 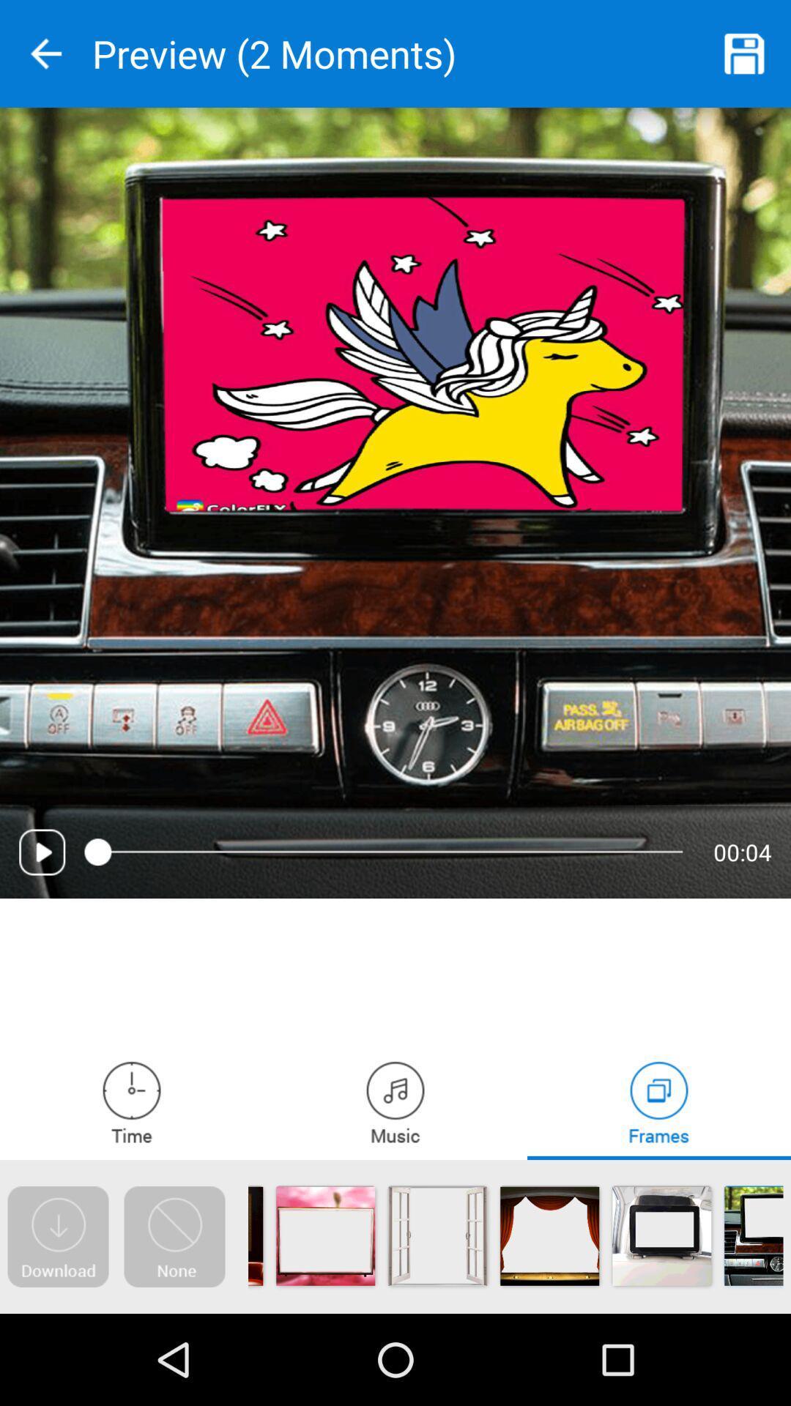 What do you see at coordinates (41, 852) in the screenshot?
I see `the audio` at bounding box center [41, 852].